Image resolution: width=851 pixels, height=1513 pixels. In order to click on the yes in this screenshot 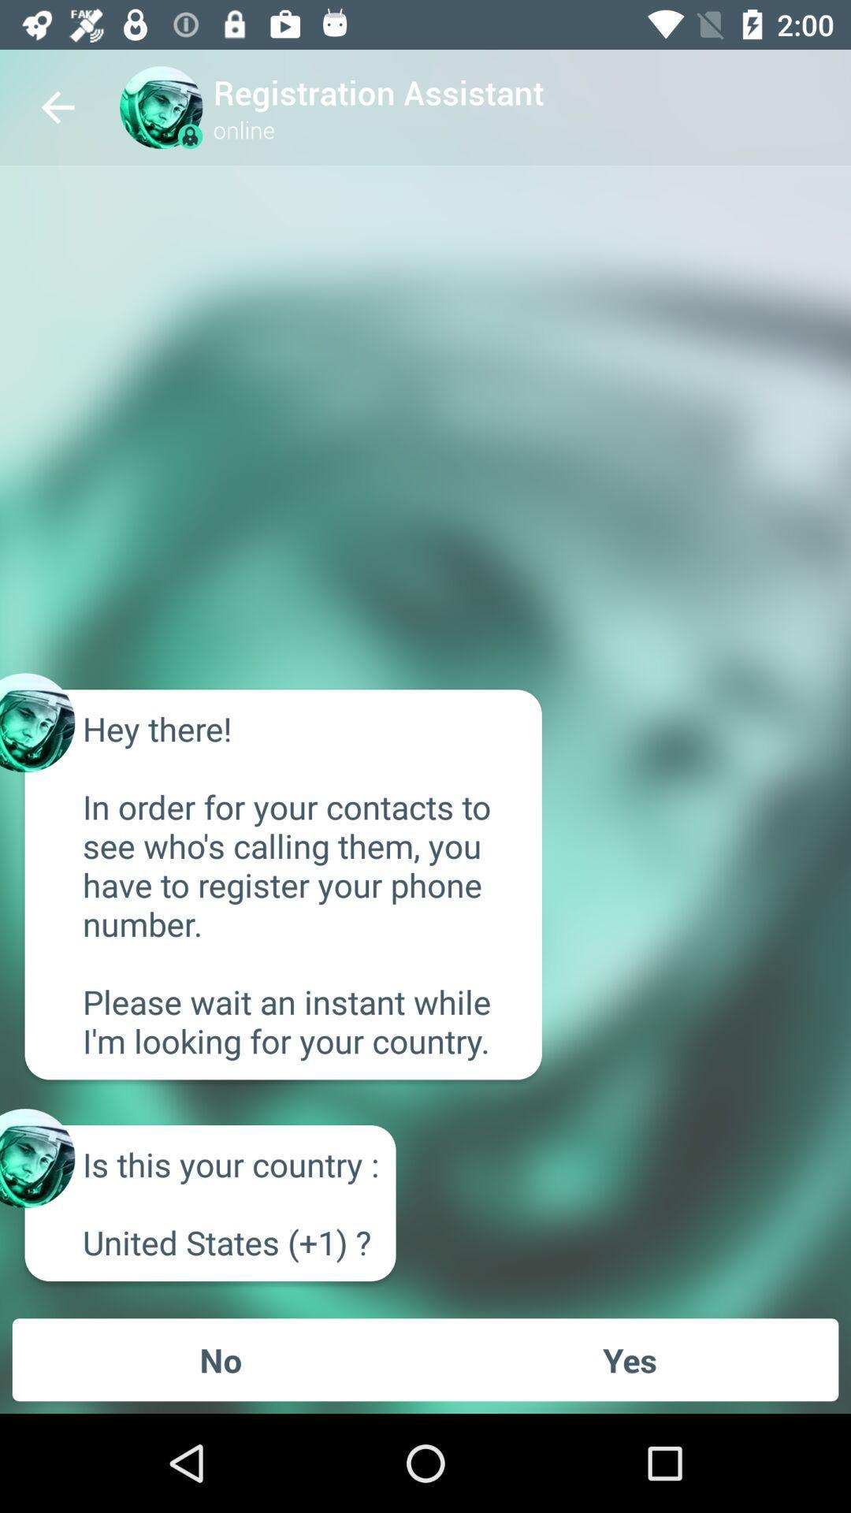, I will do `click(629, 1359)`.